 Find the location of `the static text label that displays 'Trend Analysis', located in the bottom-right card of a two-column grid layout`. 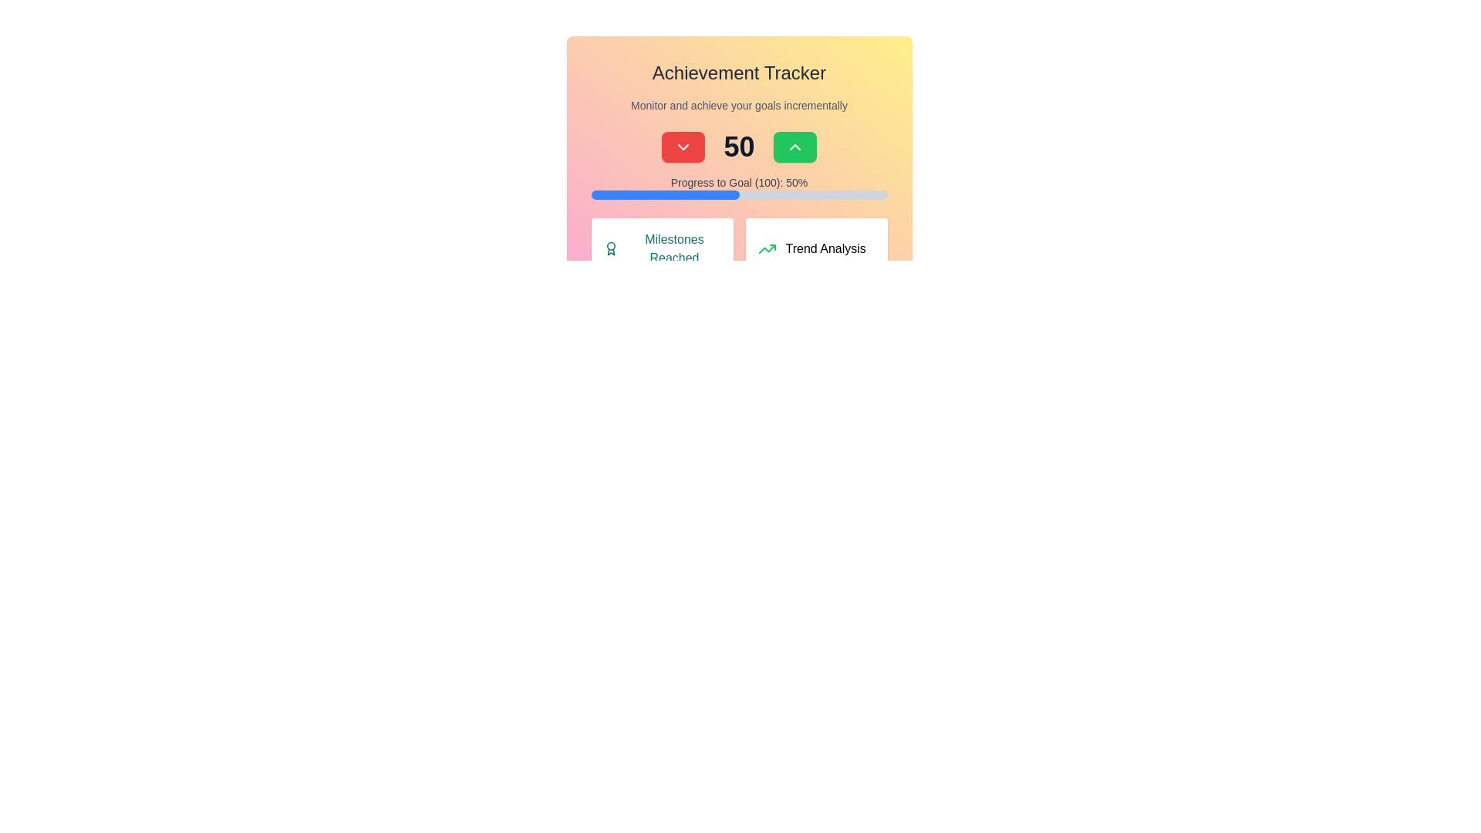

the static text label that displays 'Trend Analysis', located in the bottom-right card of a two-column grid layout is located at coordinates (825, 248).